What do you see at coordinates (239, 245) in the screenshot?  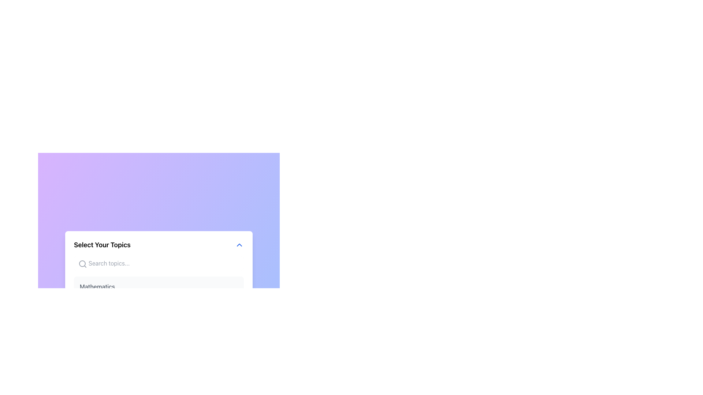 I see `the Chevron Icon located on the right side of the 'Select Your Topics' header` at bounding box center [239, 245].